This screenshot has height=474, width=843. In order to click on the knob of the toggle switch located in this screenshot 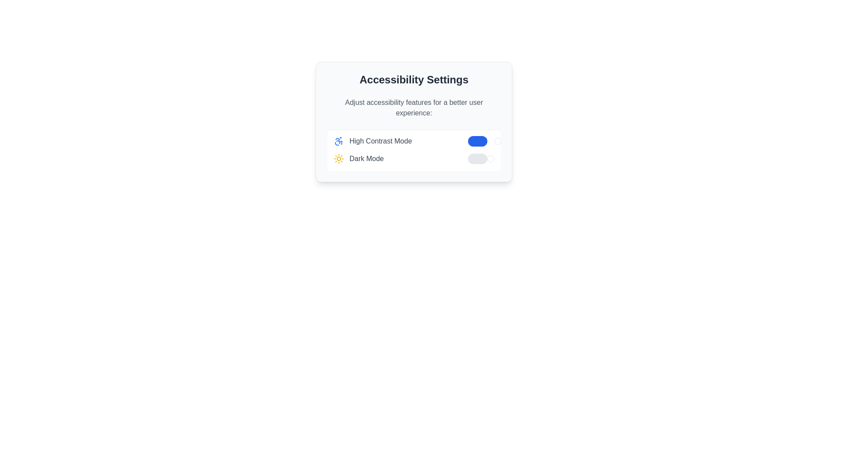, I will do `click(480, 159)`.